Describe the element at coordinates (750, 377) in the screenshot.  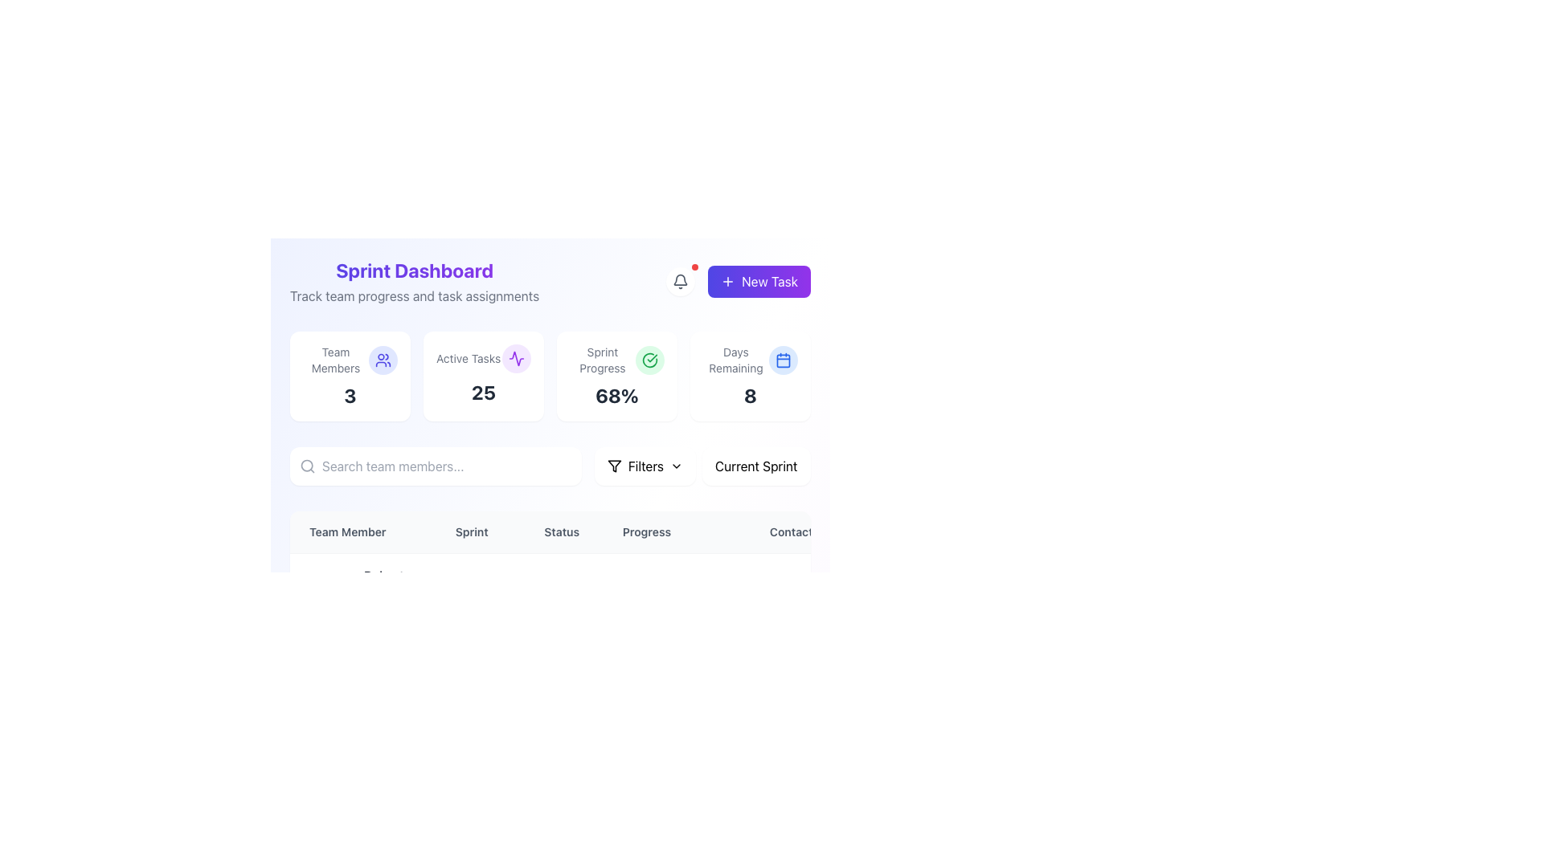
I see `the informational card located at the bottom-right corner of the grid layout, which displays the number of days remaining for a specific context` at that location.